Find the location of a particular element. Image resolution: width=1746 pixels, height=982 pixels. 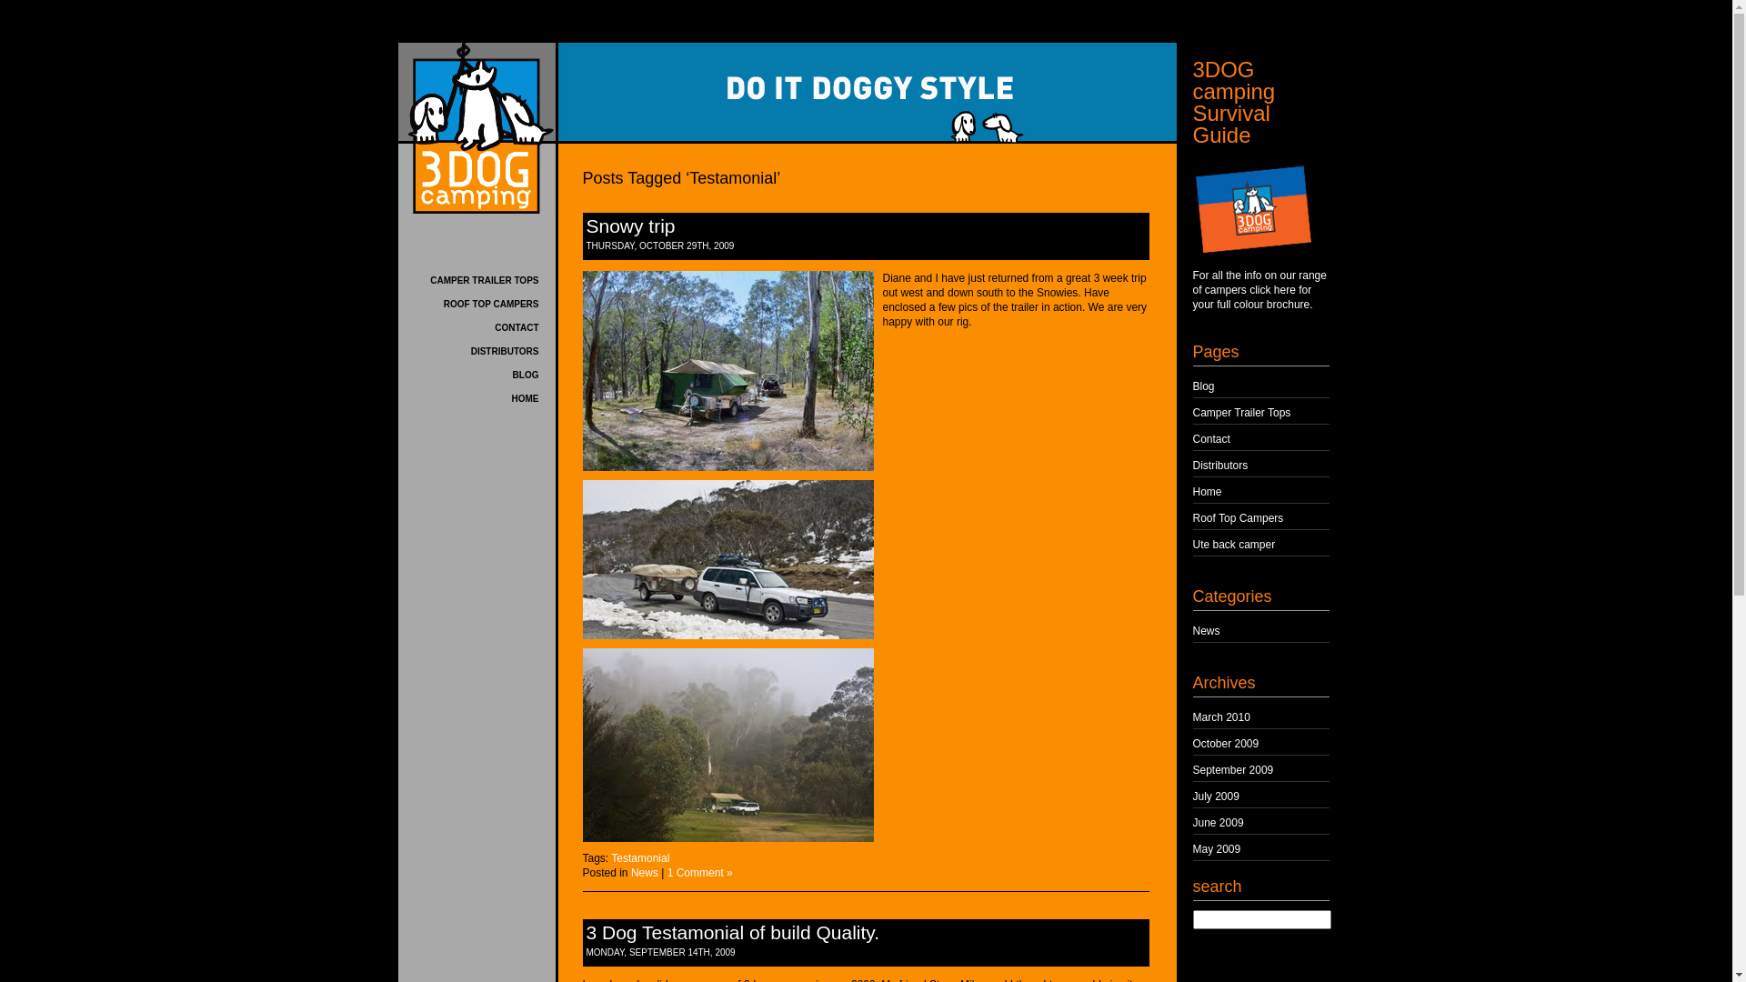

'HOME' is located at coordinates (509, 397).